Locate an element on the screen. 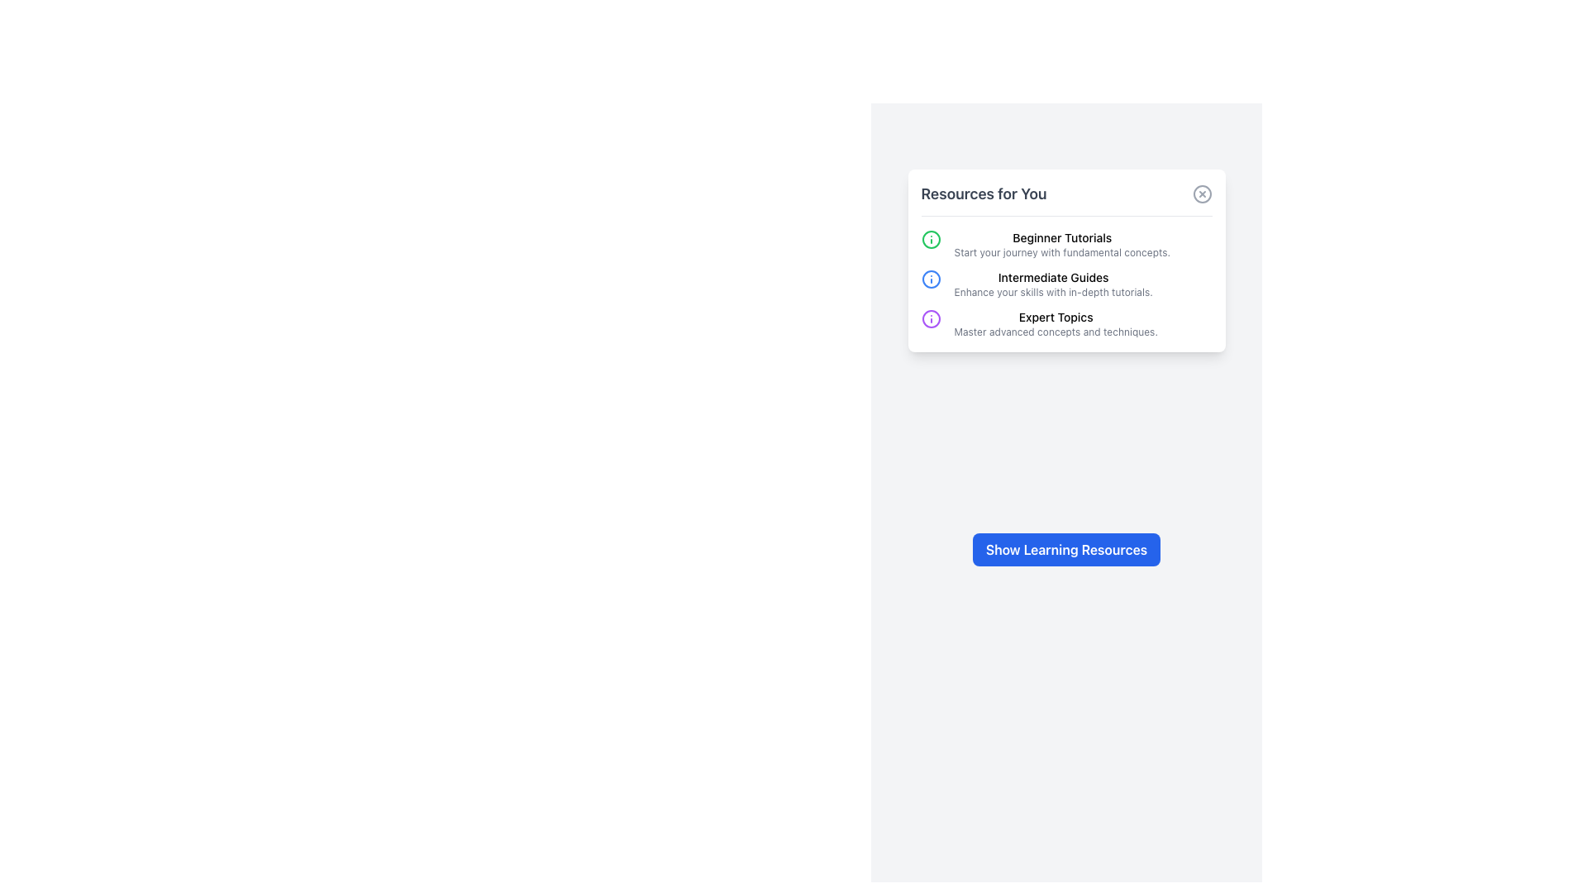 This screenshot has height=893, width=1587. the informational icon representing the 'Beginner Tutorials' category, which is the first item icon in the 'Resources for You' section is located at coordinates (931, 239).